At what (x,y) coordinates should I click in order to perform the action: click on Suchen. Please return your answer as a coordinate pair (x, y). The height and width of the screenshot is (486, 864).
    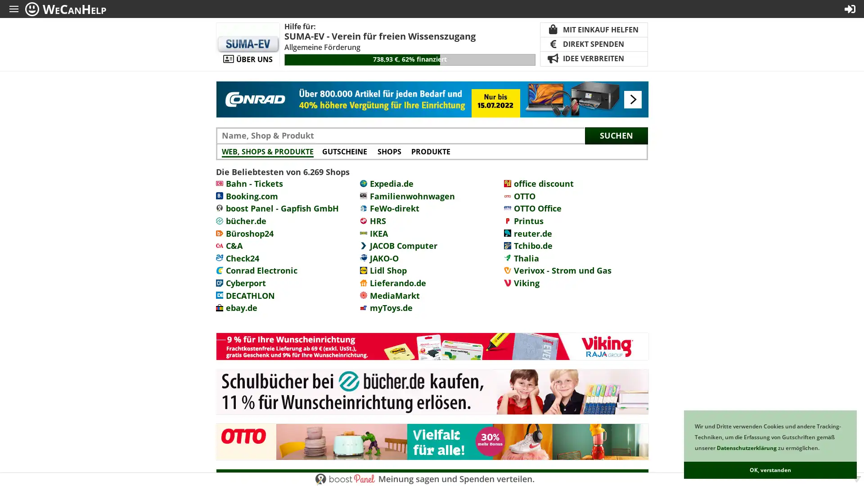
    Looking at the image, I should click on (616, 135).